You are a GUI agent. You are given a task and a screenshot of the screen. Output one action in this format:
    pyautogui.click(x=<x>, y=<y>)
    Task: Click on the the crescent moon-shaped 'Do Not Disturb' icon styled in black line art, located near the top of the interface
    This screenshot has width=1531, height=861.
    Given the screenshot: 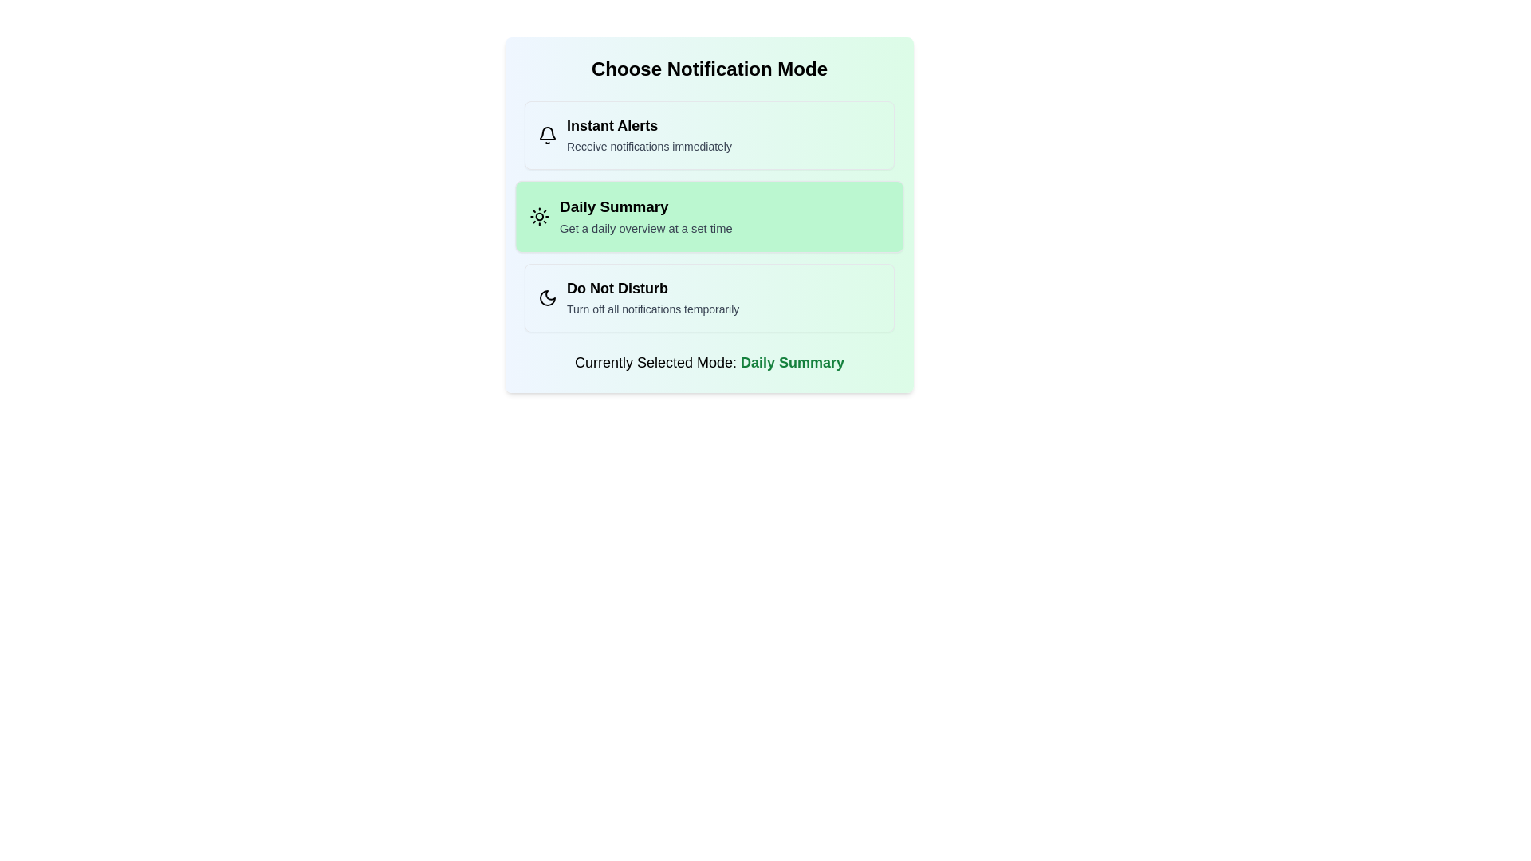 What is the action you would take?
    pyautogui.click(x=547, y=298)
    